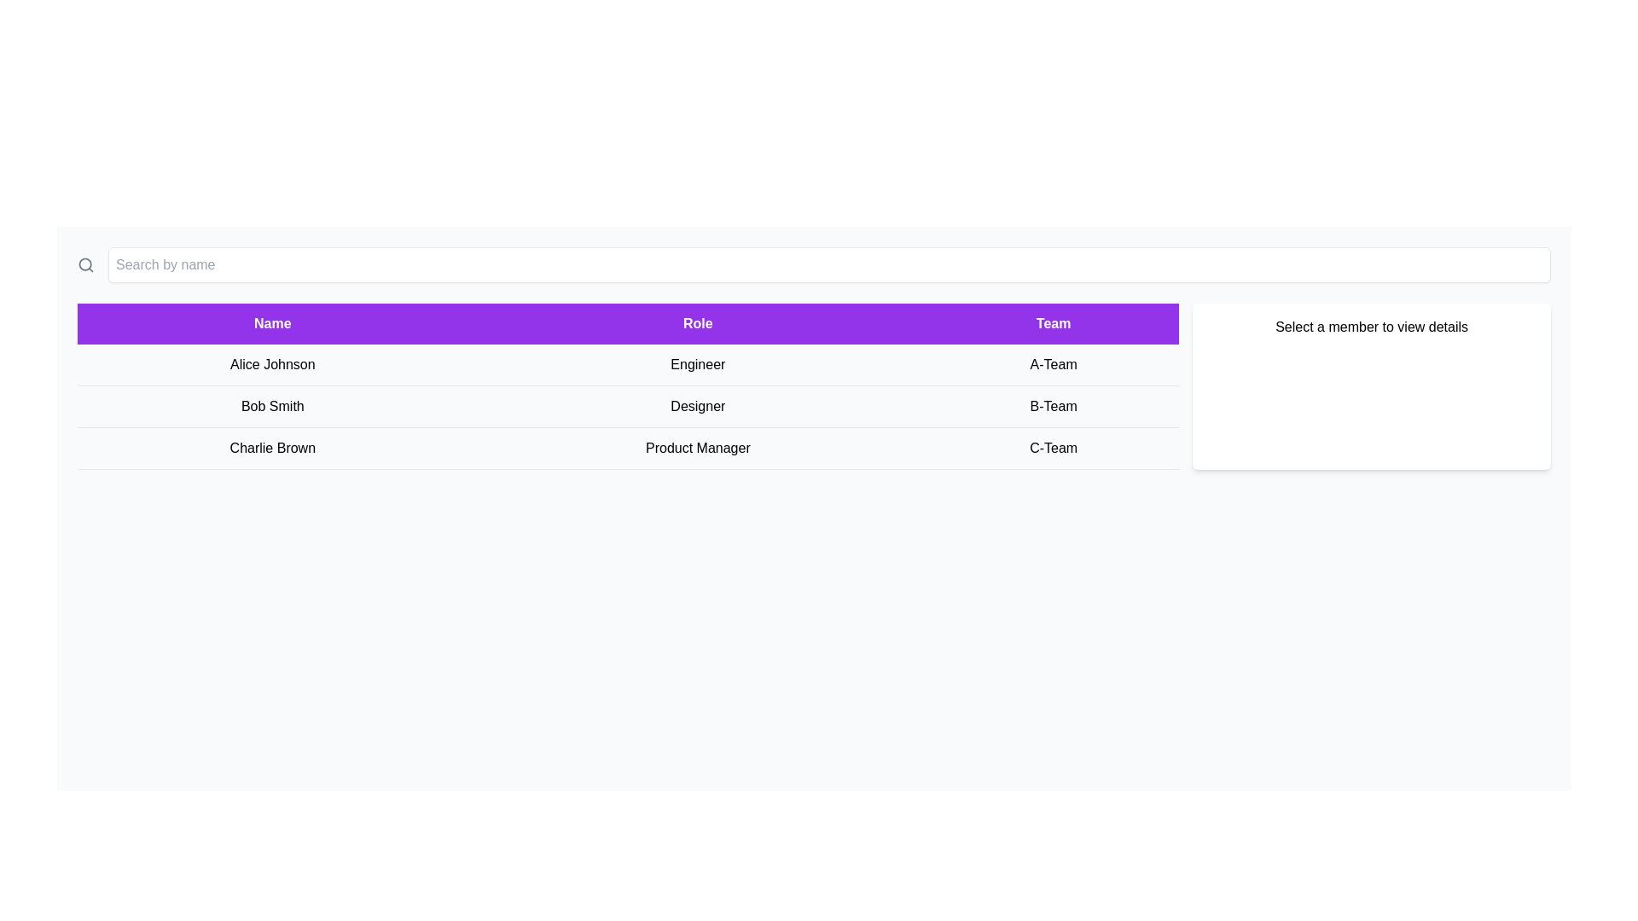 The width and height of the screenshot is (1638, 921). I want to click on the SVG circle element that forms the circular part of the magnifying glass icon, which is located on the left side of the search bar at the top of the interface, so click(84, 264).